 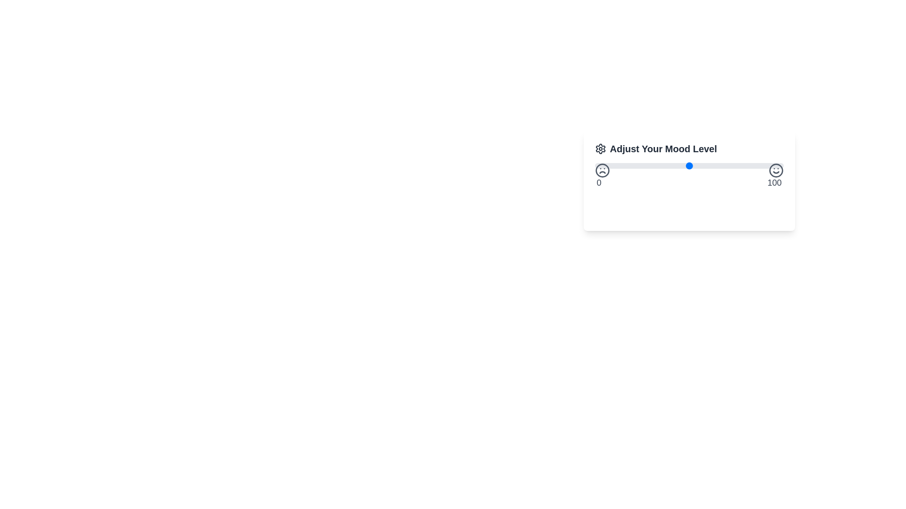 I want to click on the circular base of the smiling face emoji icon, which represents the maximum value of the mood adjustment slider, located on the far right of the slider adjacent to the '100' label, so click(x=776, y=171).